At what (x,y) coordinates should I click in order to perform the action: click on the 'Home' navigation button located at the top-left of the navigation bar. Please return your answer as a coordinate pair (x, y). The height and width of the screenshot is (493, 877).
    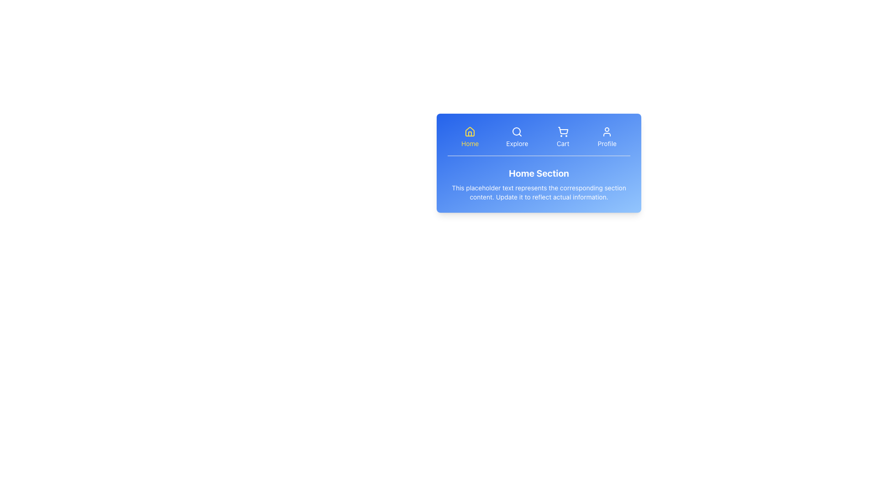
    Looking at the image, I should click on (470, 136).